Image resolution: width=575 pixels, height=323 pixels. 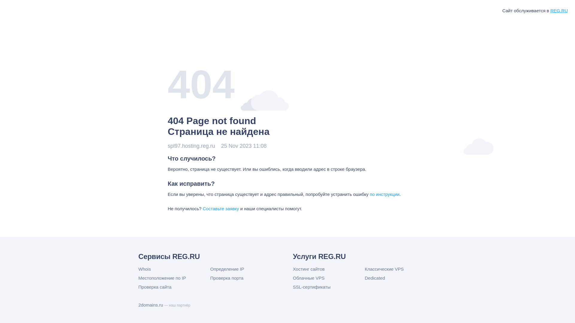 I want to click on 'REG.RU', so click(x=559, y=10).